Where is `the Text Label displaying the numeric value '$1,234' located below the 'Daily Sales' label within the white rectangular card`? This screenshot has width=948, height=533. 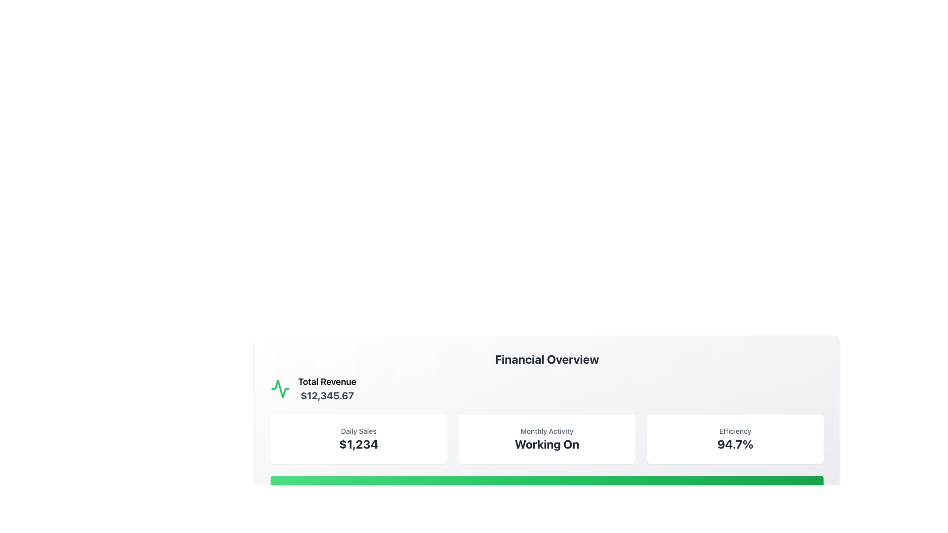
the Text Label displaying the numeric value '$1,234' located below the 'Daily Sales' label within the white rectangular card is located at coordinates (358, 443).